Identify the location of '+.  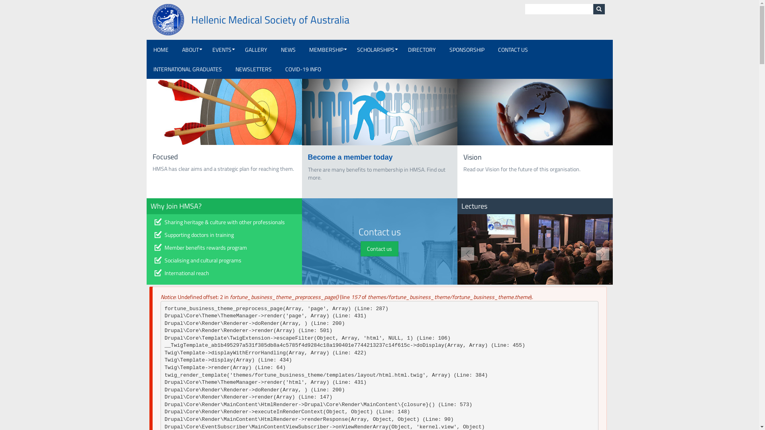
(222, 49).